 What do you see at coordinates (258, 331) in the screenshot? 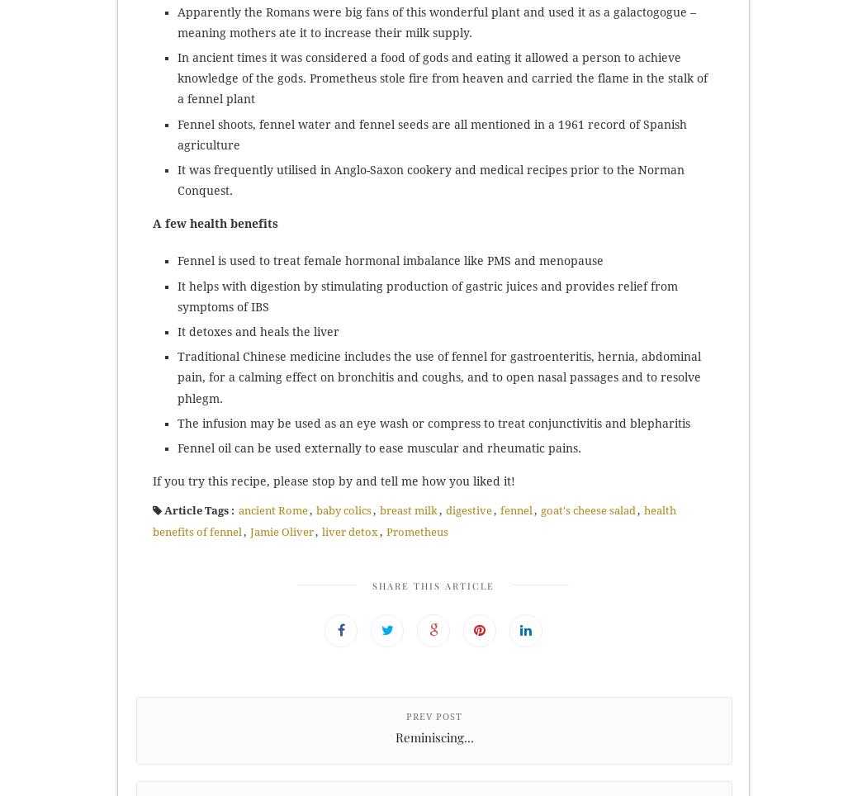
I see `'It detoxes and heals the liver'` at bounding box center [258, 331].